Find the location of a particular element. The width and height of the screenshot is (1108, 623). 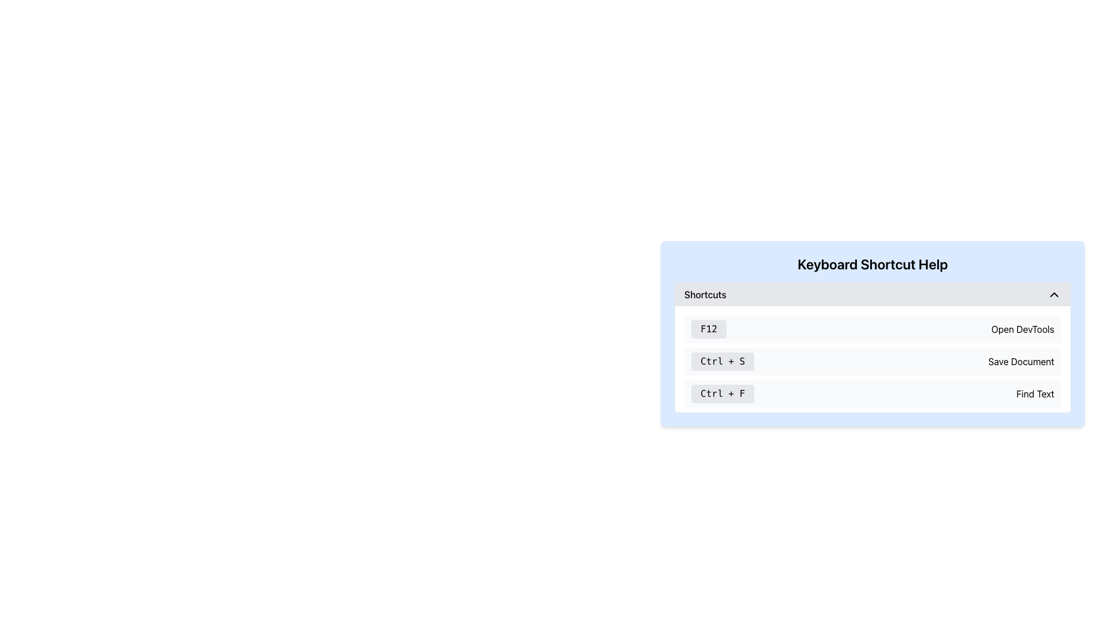

the Icon Button located on the far right side of the header section labeled 'Shortcuts' is located at coordinates (1054, 294).